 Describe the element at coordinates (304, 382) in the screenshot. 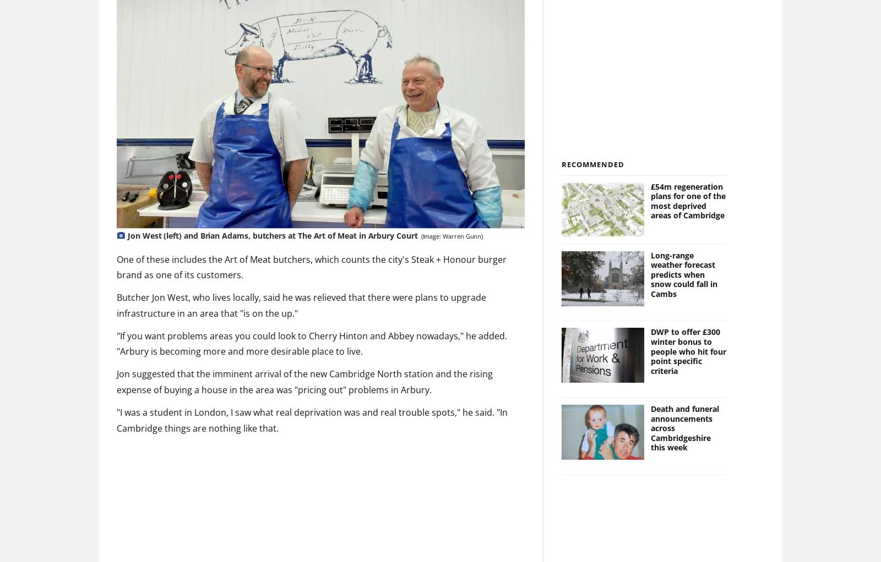

I see `'Jon suggested that the imminent arrival of the new Cambridge North station and the rising expense of buying a house in the area was "pricing out" problems in Arbury.'` at that location.